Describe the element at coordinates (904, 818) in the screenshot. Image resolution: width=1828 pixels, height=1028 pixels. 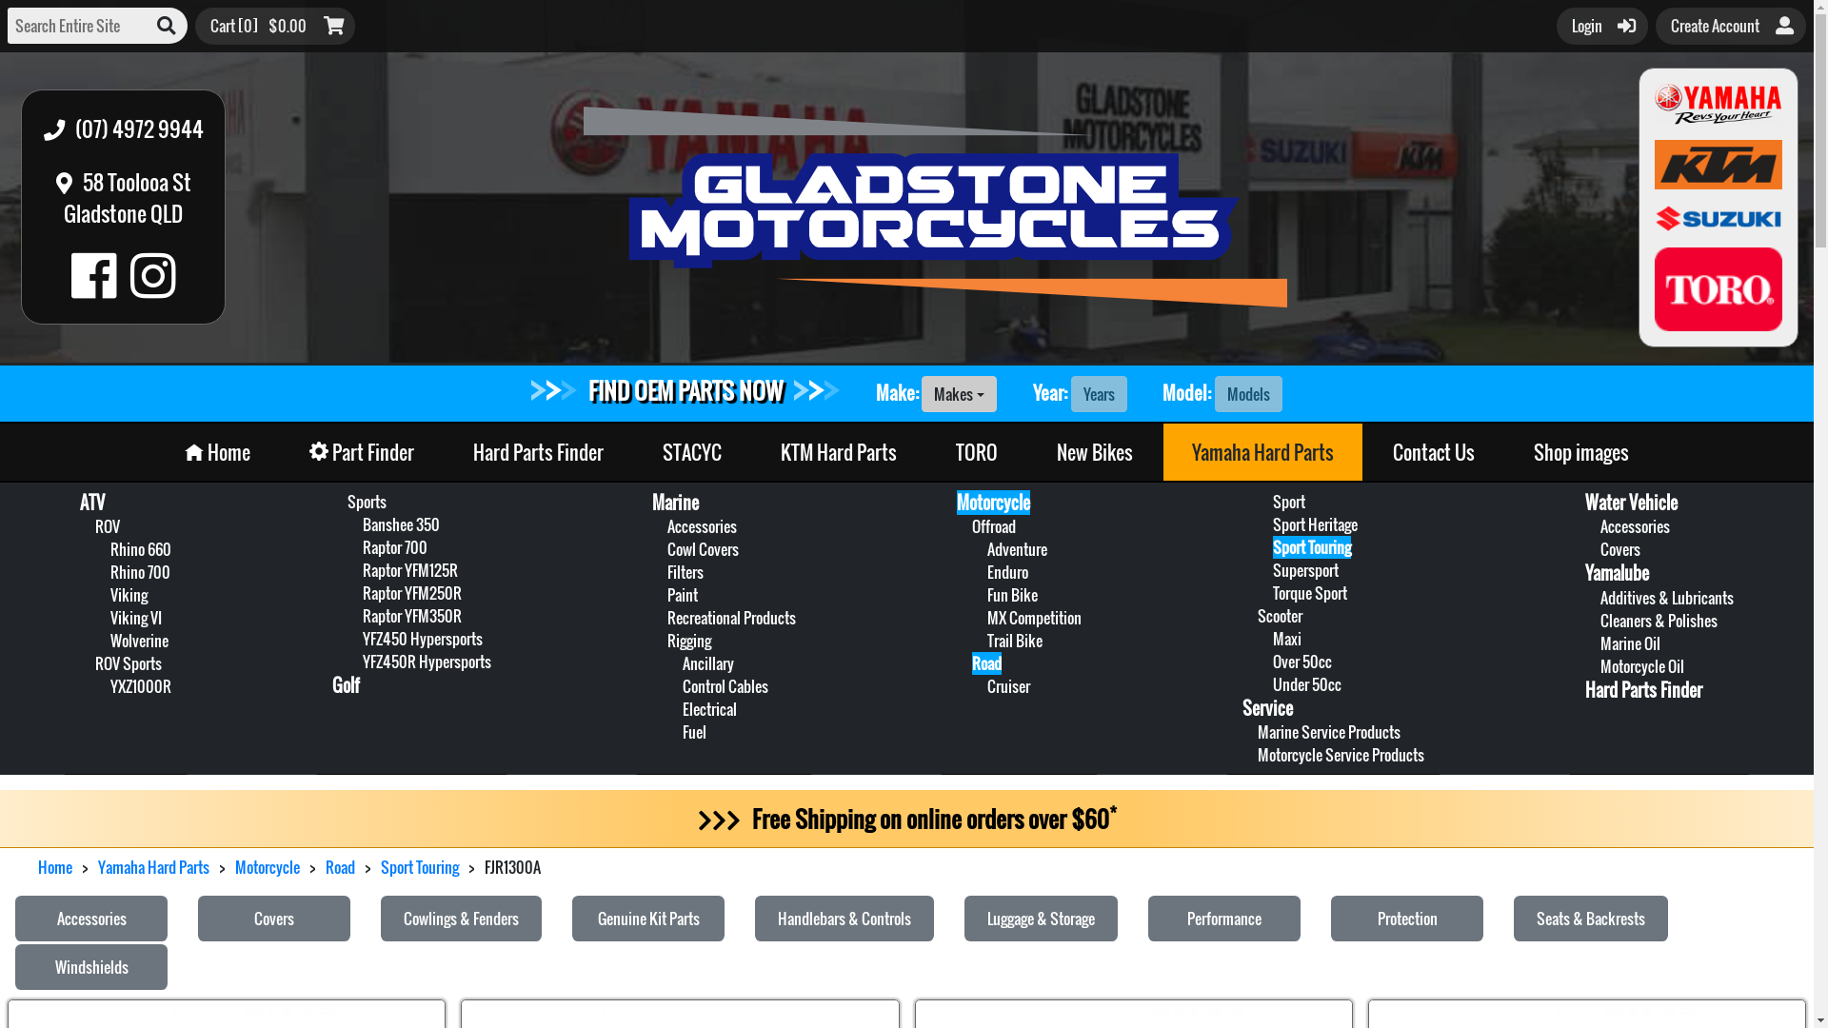
I see `'Free Shipping on online orders over $60*'` at that location.